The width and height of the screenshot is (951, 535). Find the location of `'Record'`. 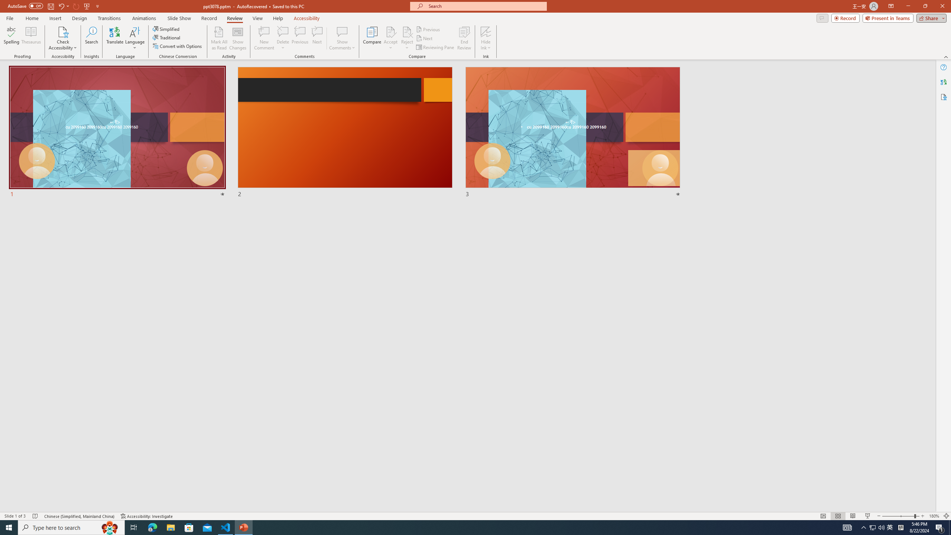

'Record' is located at coordinates (209, 18).